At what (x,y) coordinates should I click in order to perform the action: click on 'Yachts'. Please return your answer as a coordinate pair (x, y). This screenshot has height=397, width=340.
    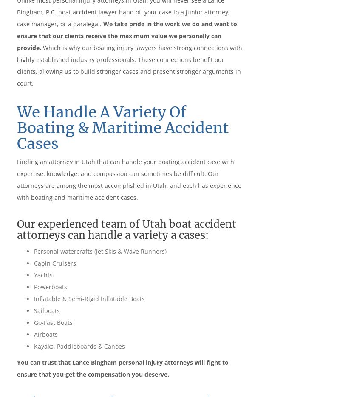
    Looking at the image, I should click on (34, 274).